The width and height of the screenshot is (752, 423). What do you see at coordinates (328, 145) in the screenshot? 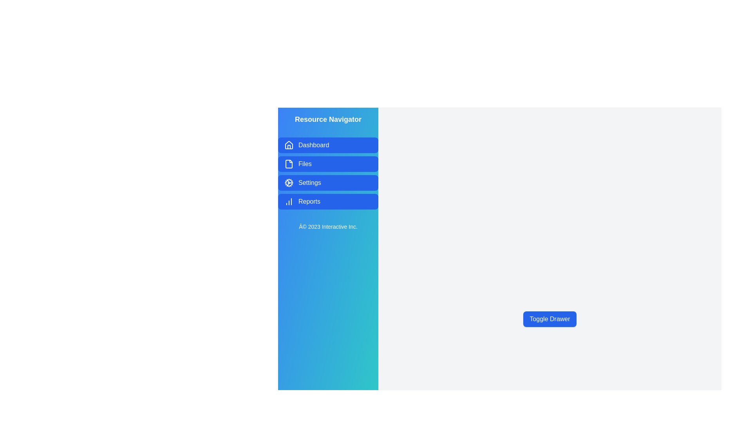
I see `the navigation item Dashboard from the Resource Navigator` at bounding box center [328, 145].